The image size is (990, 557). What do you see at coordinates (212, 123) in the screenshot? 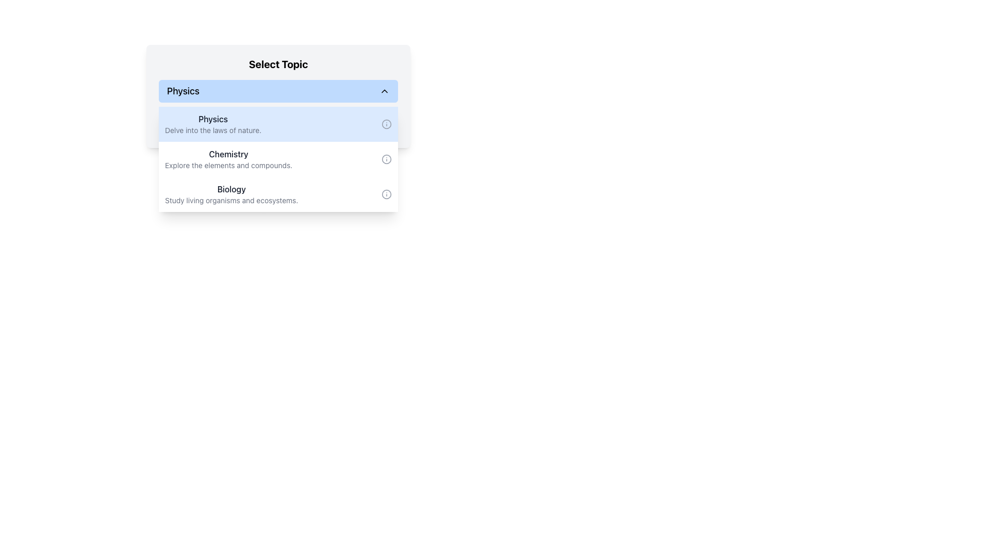
I see `the first selectable option in the dropdown menu labeled 'Physics' under the 'Select Topic' header` at bounding box center [212, 123].